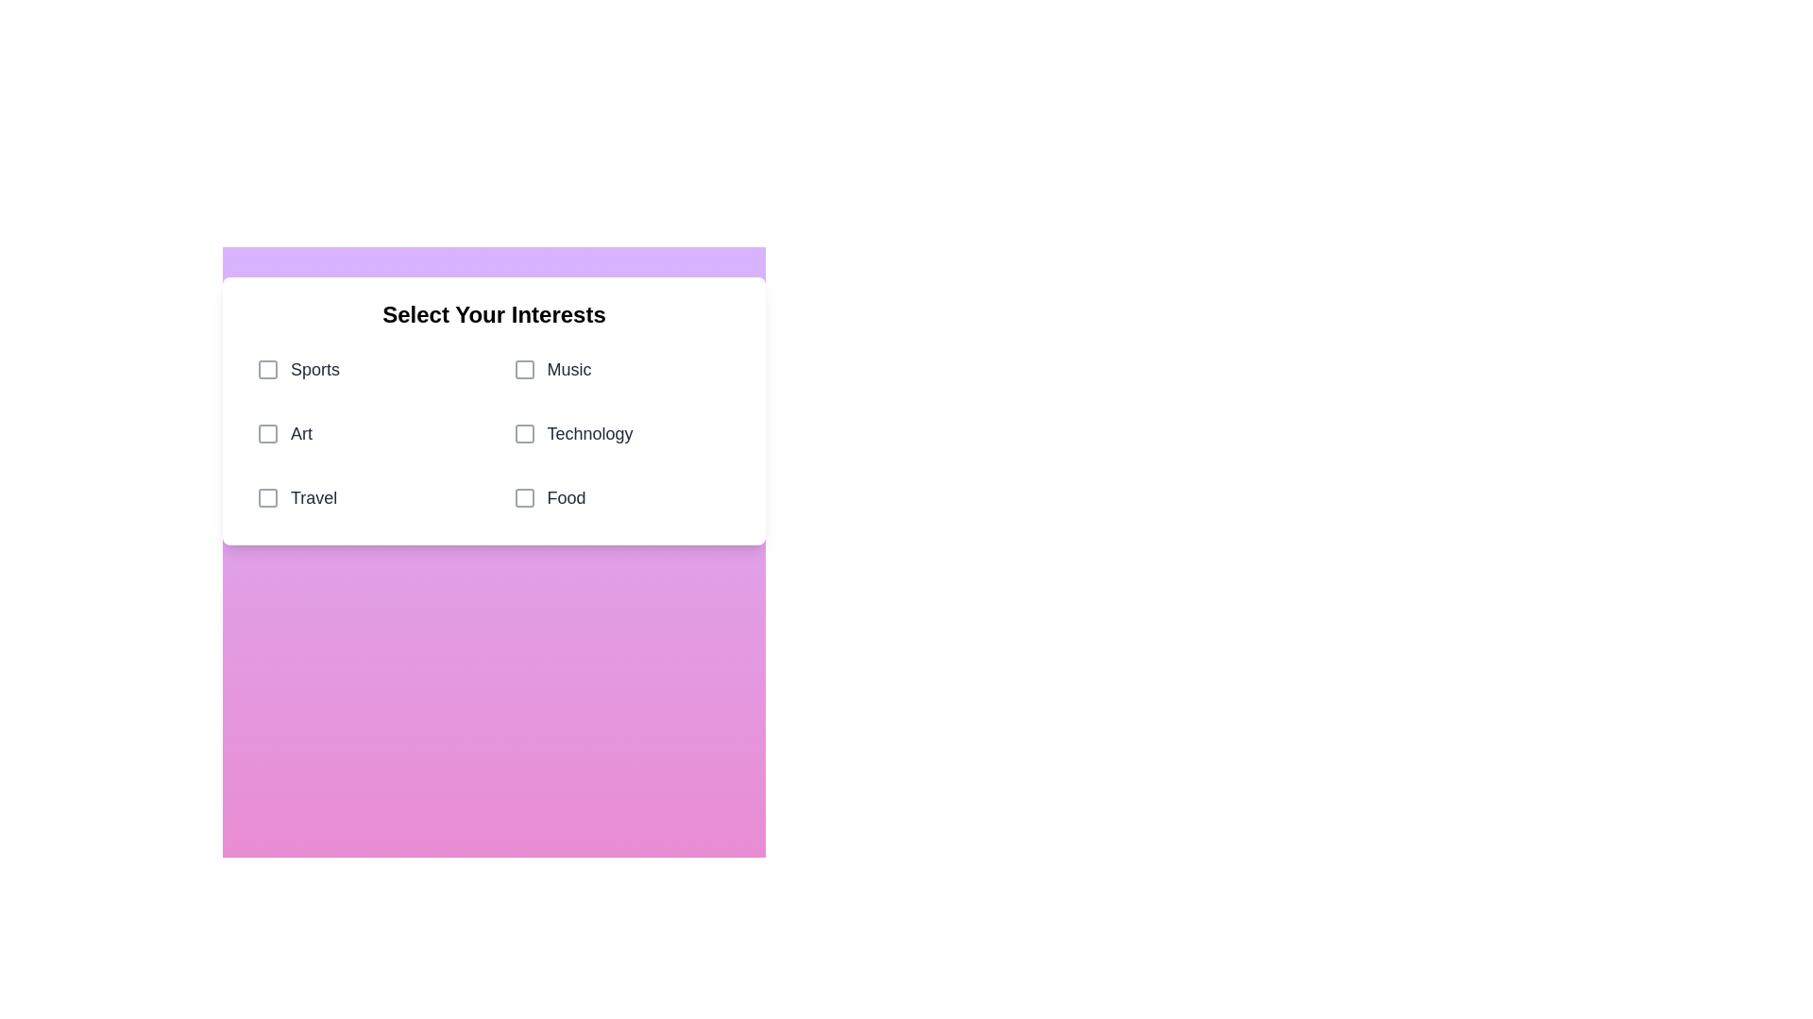 The width and height of the screenshot is (1813, 1019). I want to click on the category Music, so click(622, 370).